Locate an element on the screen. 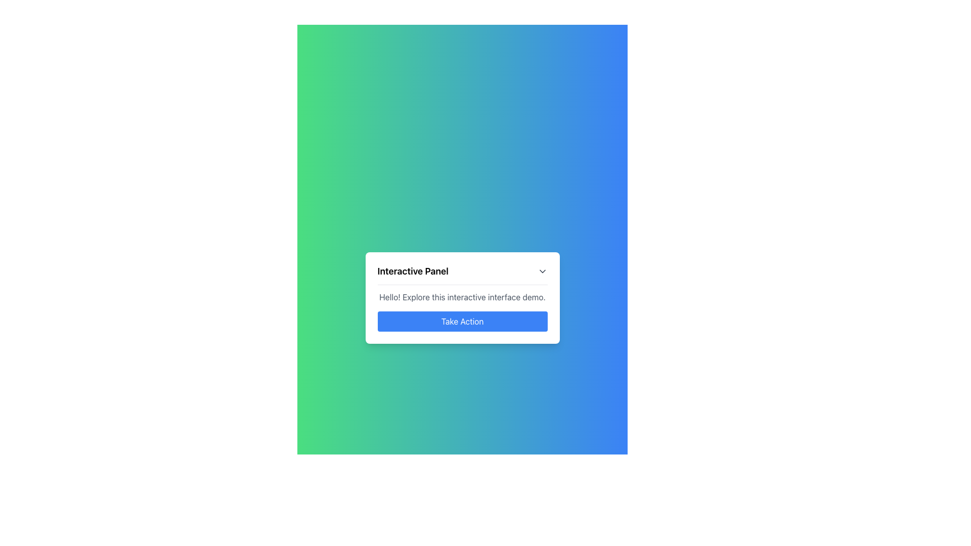  static text that says 'Hello! Explore this interactive interface demo.' which is located within the 'Interactive Panel' card above the blue 'Take Action' button is located at coordinates (462, 296).